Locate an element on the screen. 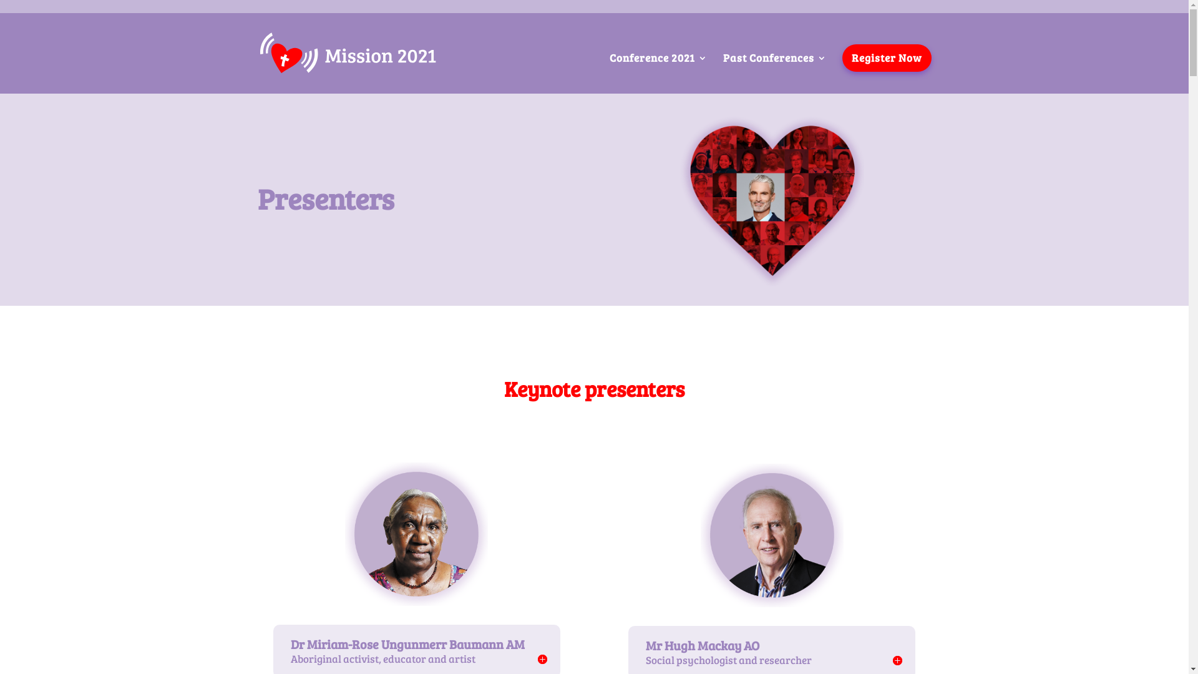  'Past Conferences' is located at coordinates (774, 74).